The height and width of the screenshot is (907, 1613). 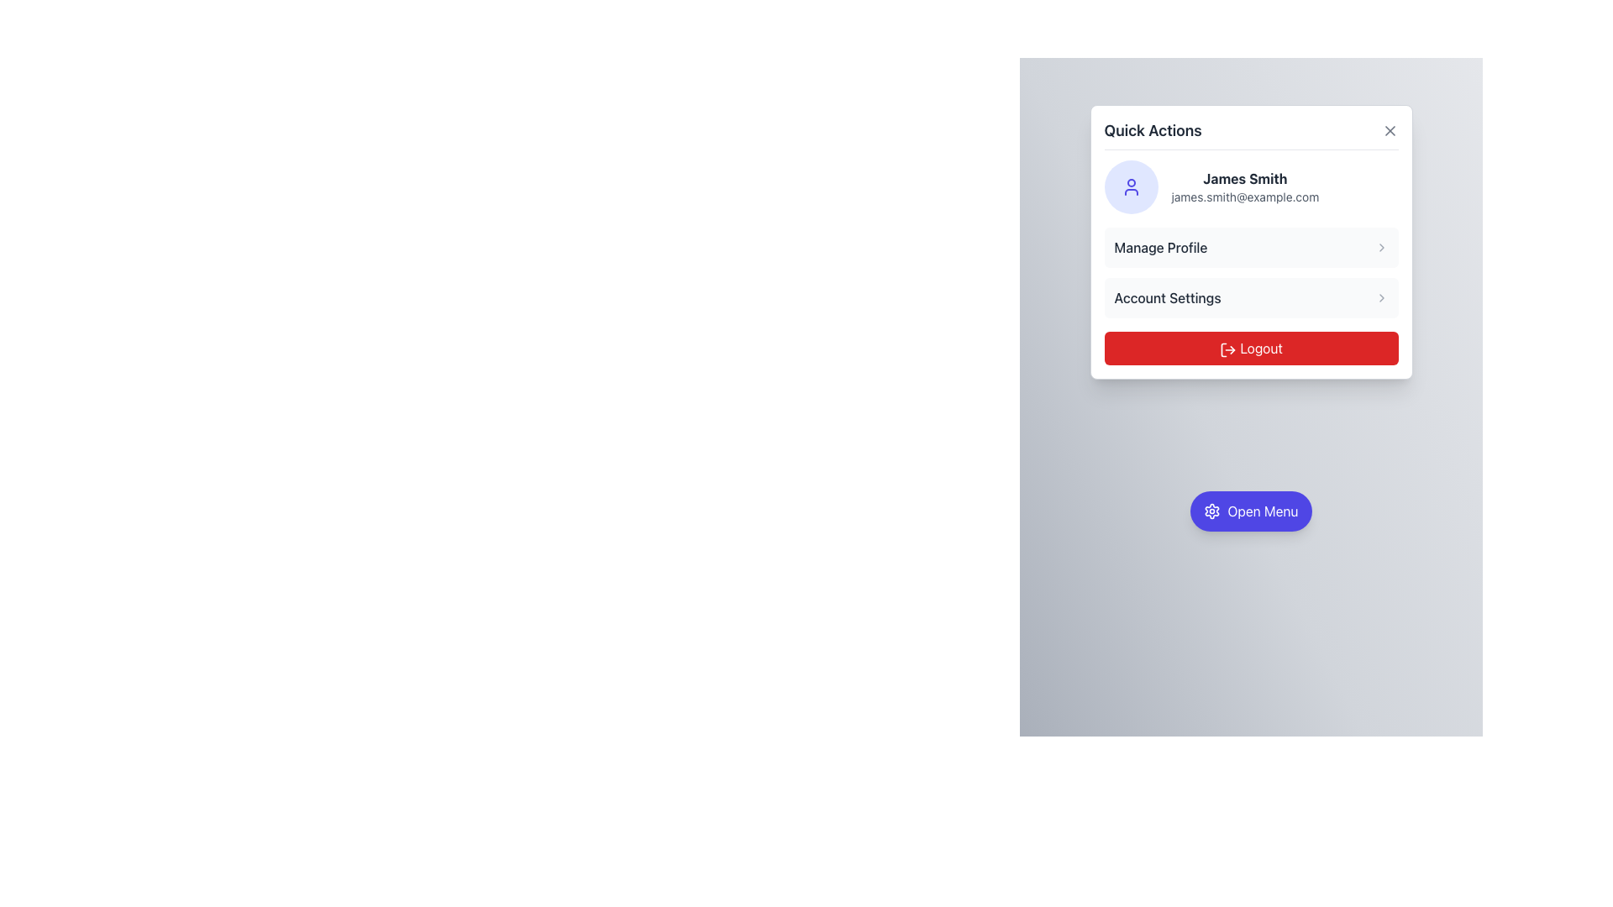 I want to click on the settings icon located inside the 'Open Menu' button at the bottom-right of the interface, so click(x=1212, y=511).